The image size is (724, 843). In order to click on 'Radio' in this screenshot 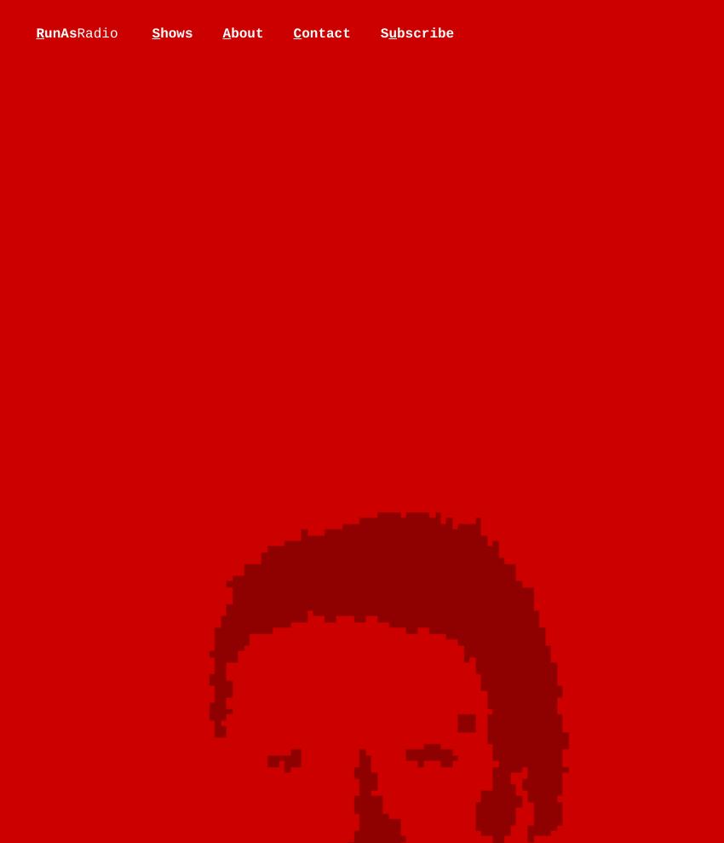, I will do `click(95, 34)`.